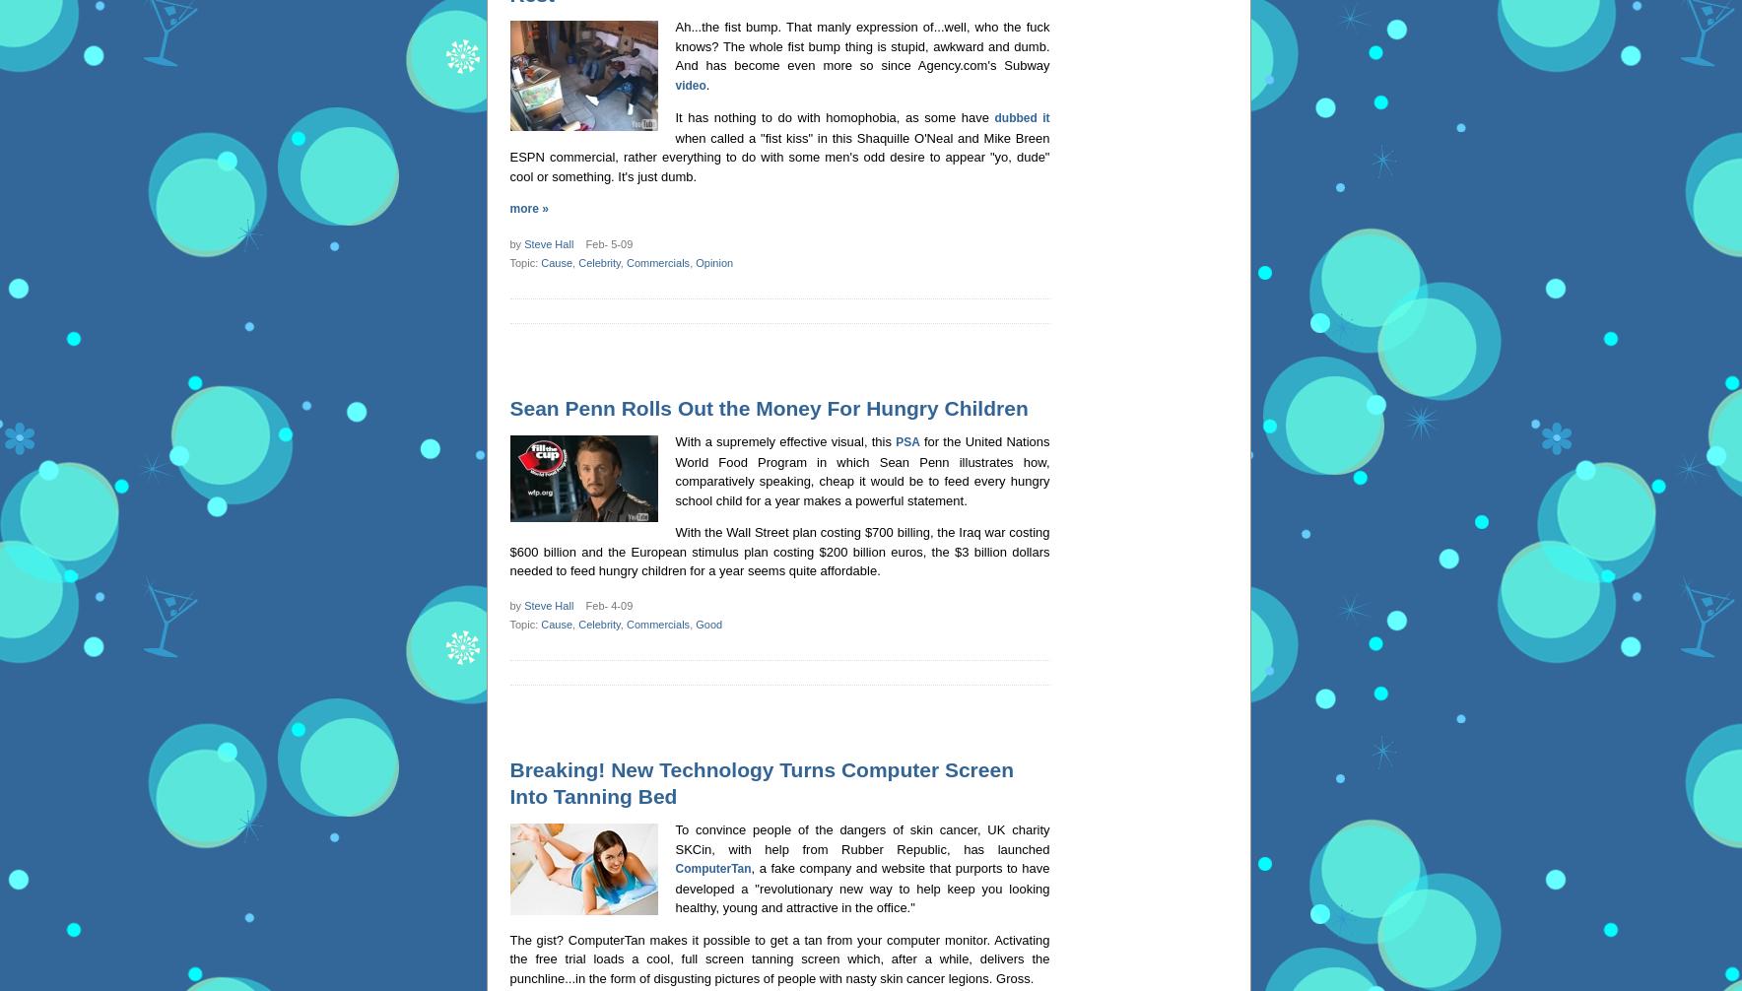 The height and width of the screenshot is (991, 1742). I want to click on 'dubbed it', so click(1020, 118).